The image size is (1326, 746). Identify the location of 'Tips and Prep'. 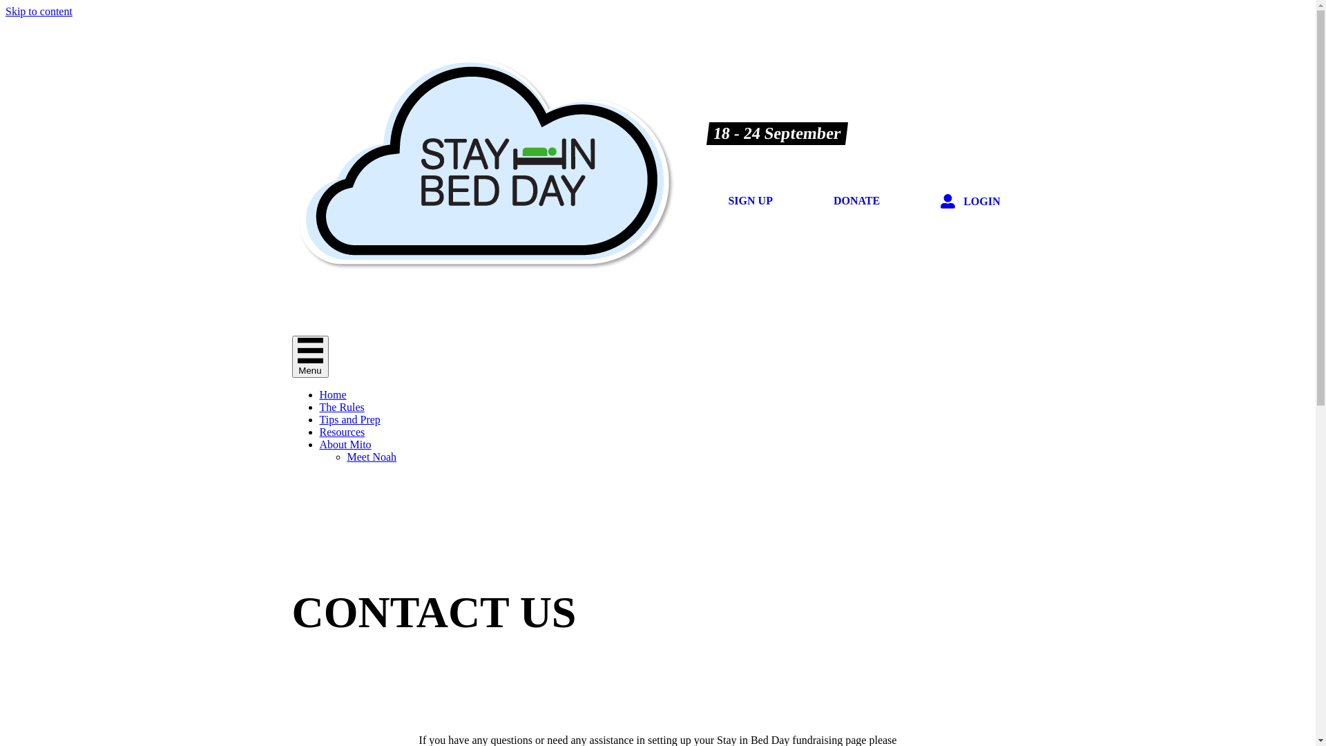
(349, 419).